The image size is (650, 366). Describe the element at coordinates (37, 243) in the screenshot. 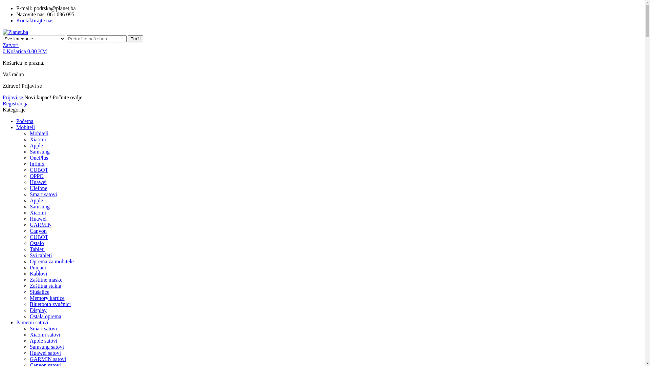

I see `'Ostalo'` at that location.